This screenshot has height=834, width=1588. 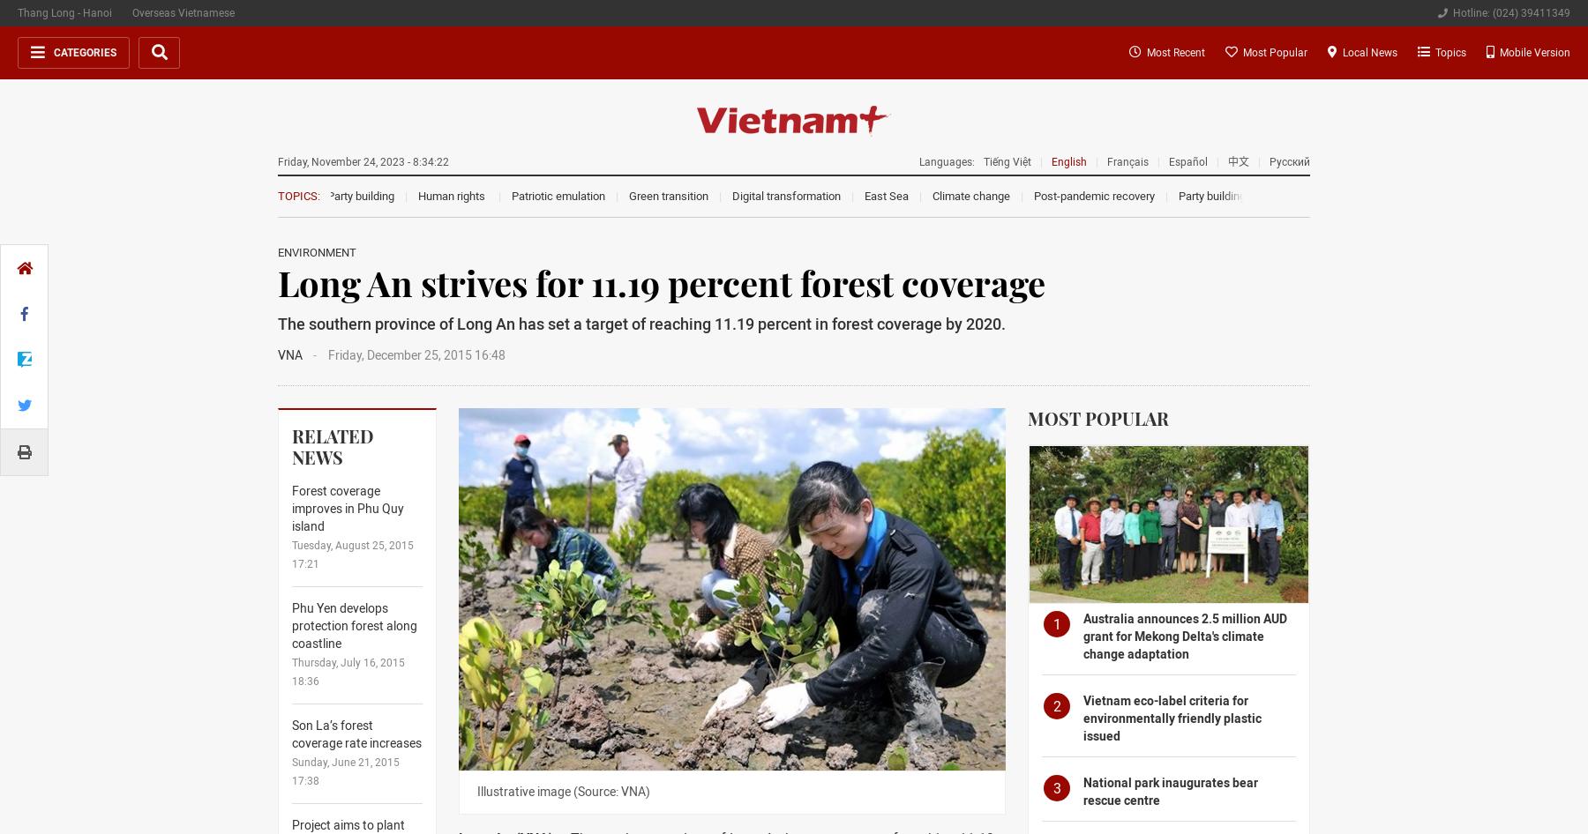 What do you see at coordinates (333, 445) in the screenshot?
I see `'Related News'` at bounding box center [333, 445].